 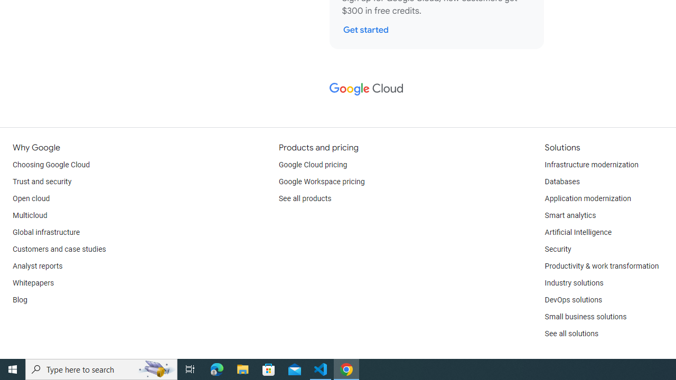 I want to click on 'DevOps solutions', so click(x=572, y=300).